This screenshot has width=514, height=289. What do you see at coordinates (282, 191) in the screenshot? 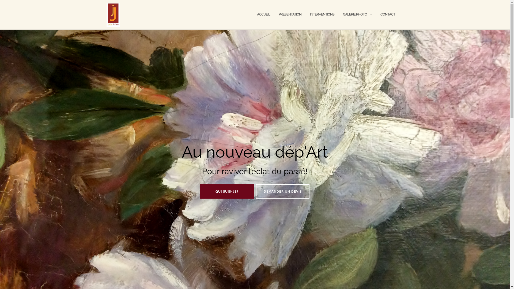
I see `'DEMANDER UN DEVIS'` at bounding box center [282, 191].